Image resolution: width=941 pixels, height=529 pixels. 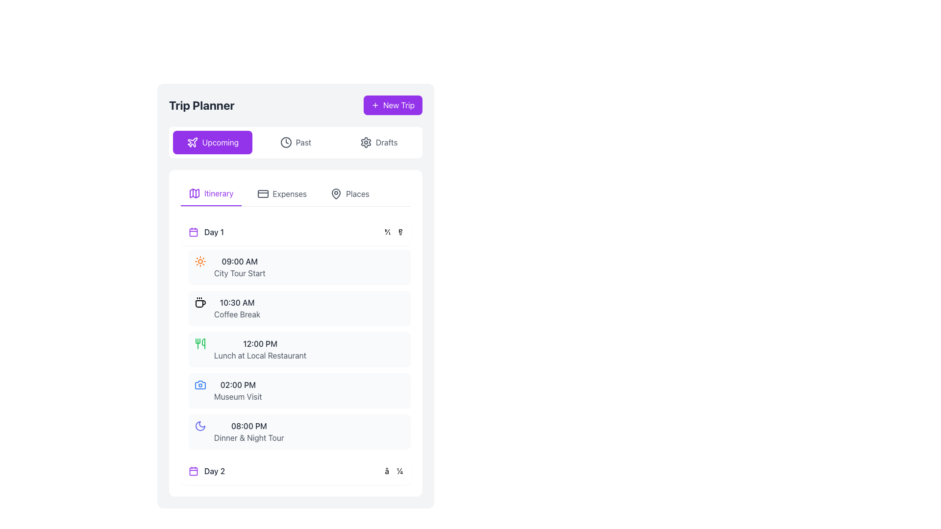 I want to click on the text label 'Museum Visit' which is styled in gray and appears below the time label '02:00 PM' in the 'Itinerary' section of the 'Trip Planner', so click(x=238, y=397).